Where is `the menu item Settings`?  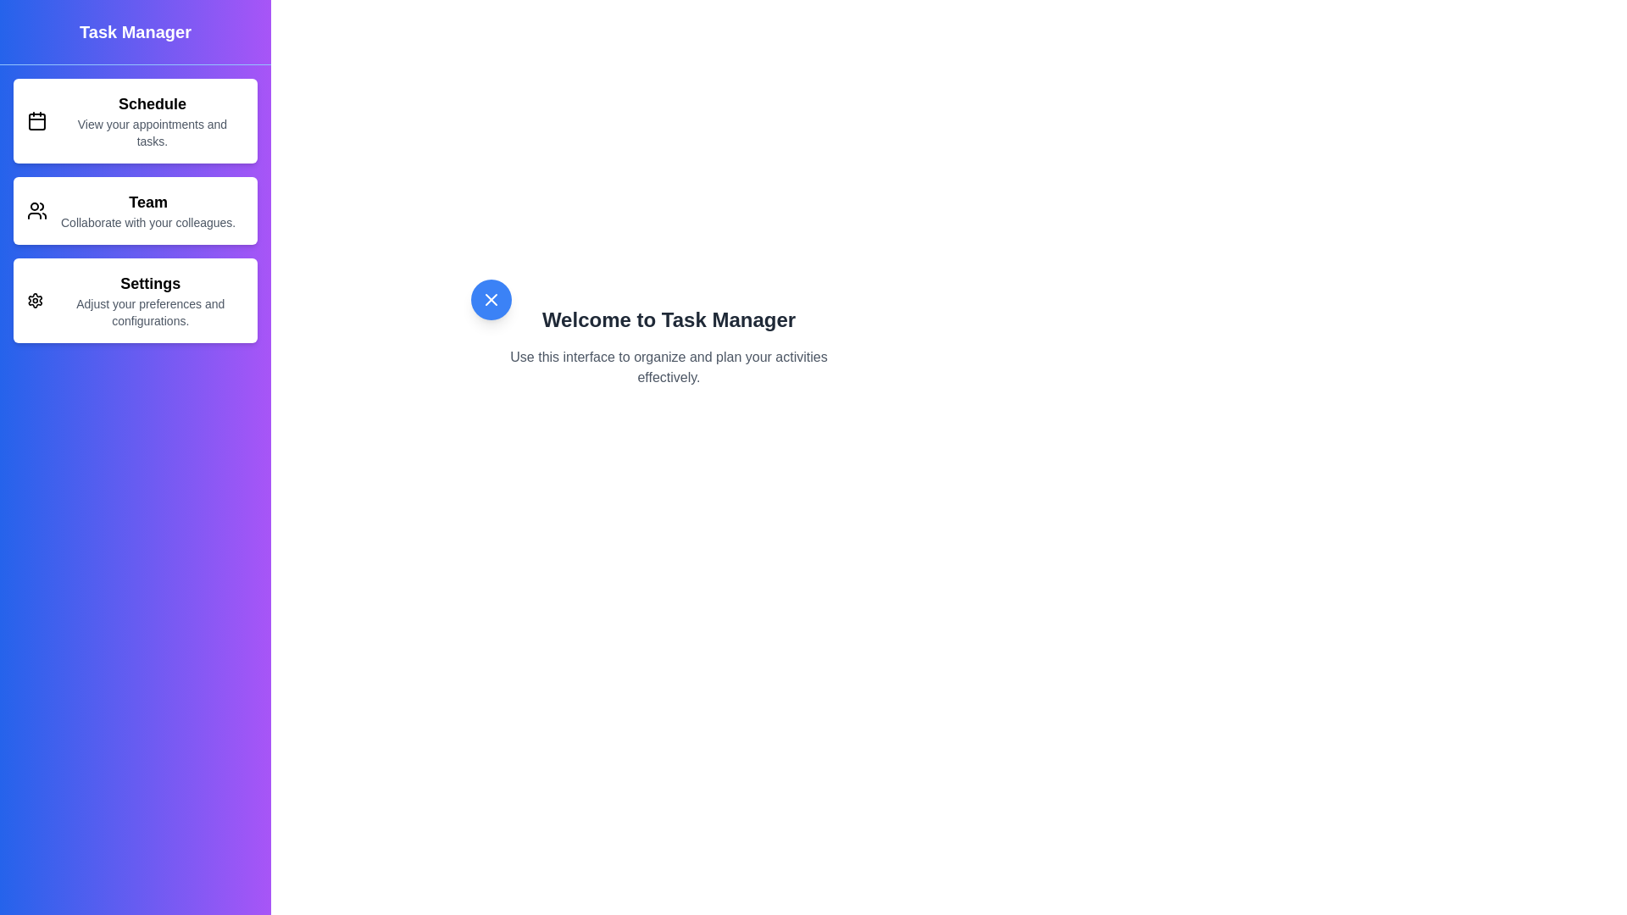
the menu item Settings is located at coordinates (134, 299).